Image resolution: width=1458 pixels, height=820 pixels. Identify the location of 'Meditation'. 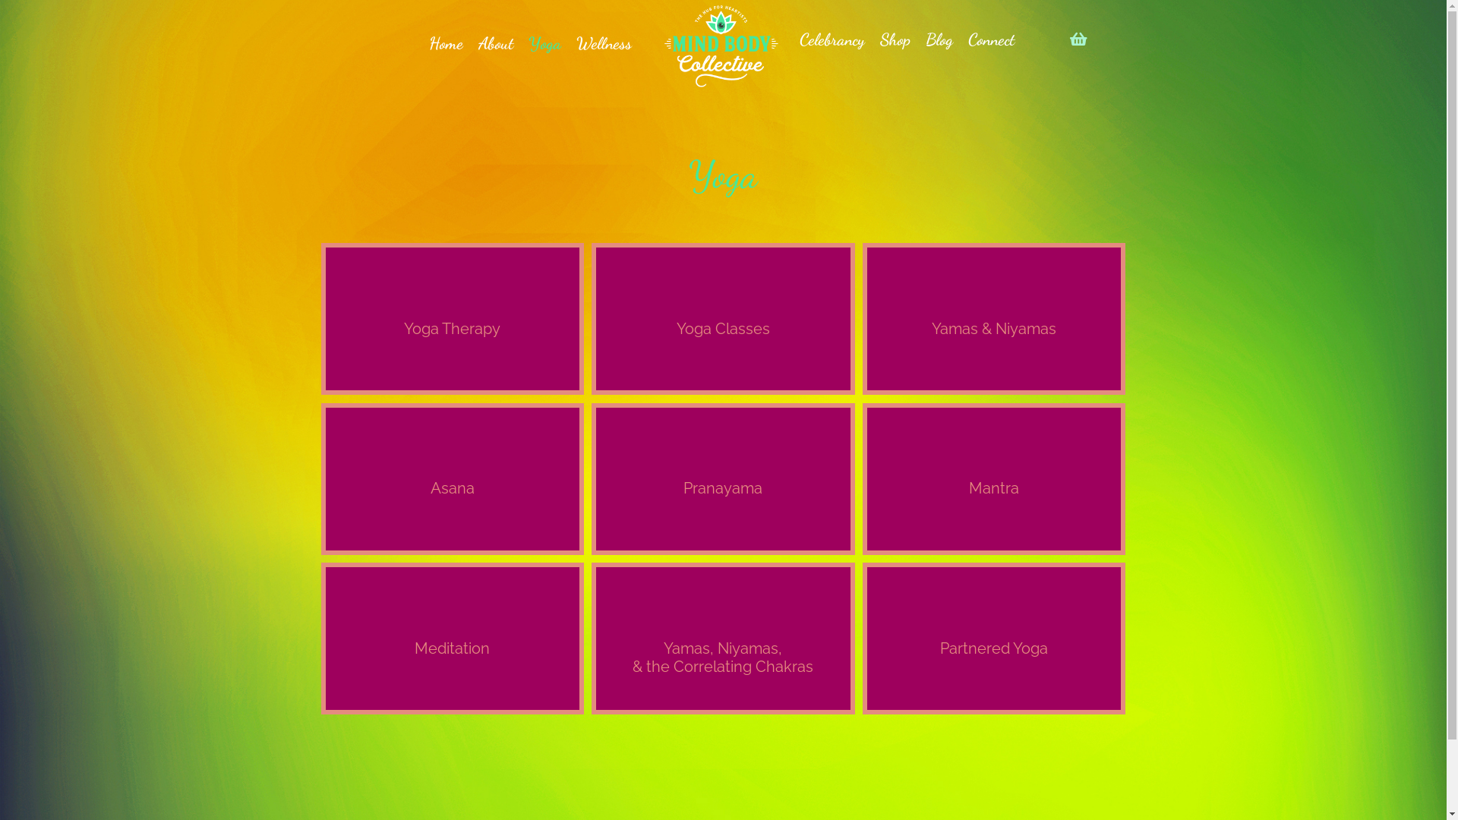
(451, 638).